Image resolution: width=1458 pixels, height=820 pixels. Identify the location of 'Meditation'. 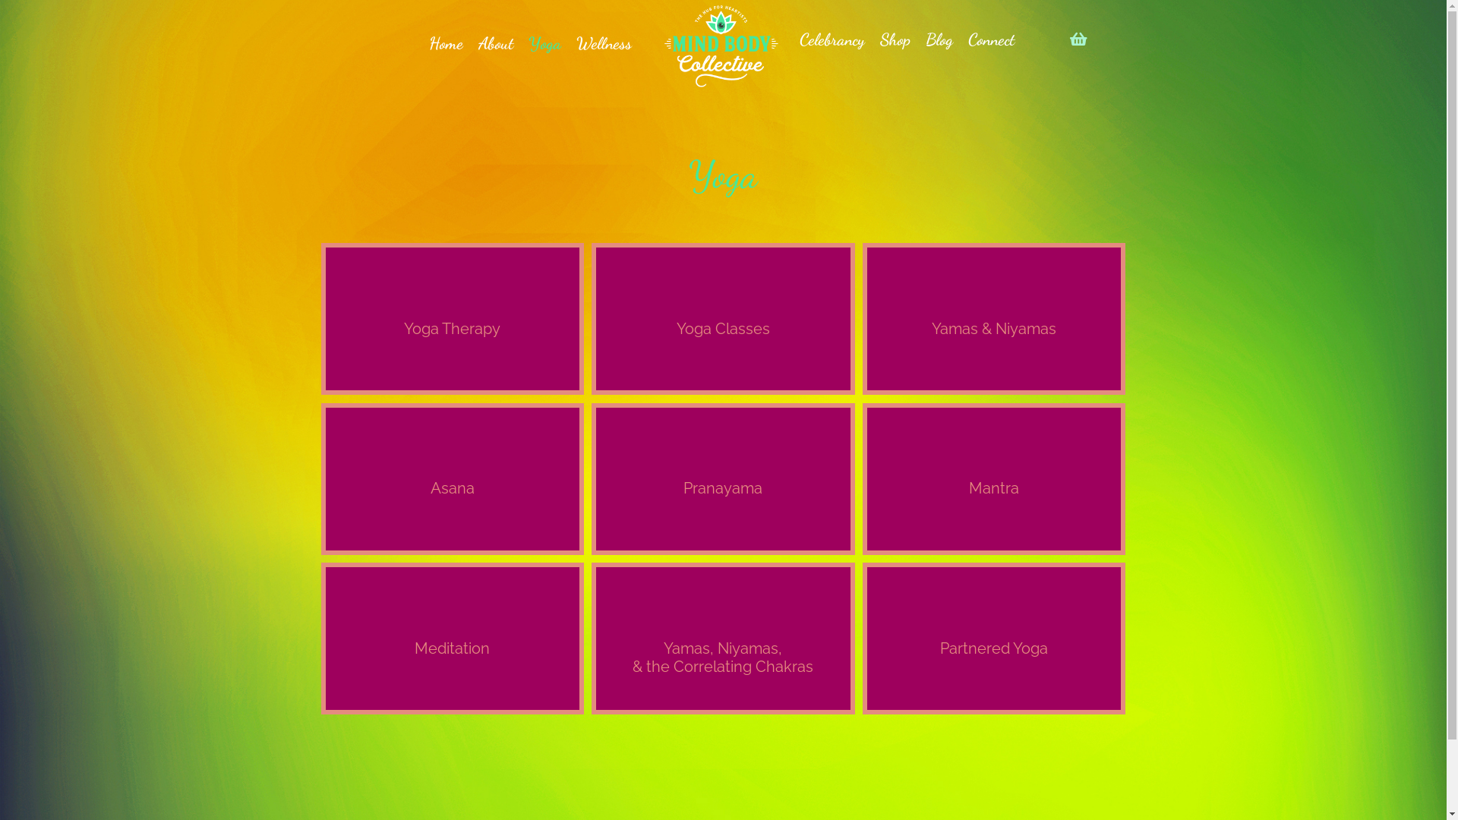
(451, 638).